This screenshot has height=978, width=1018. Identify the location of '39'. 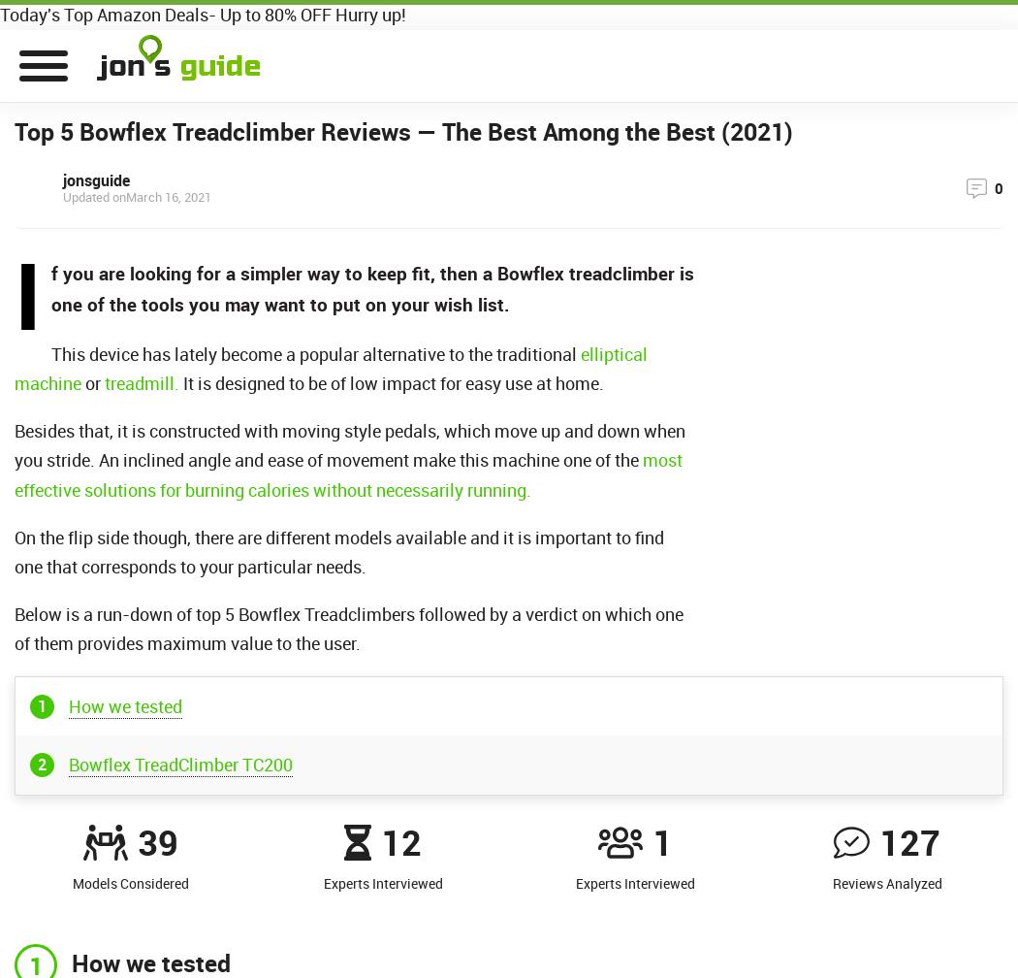
(157, 841).